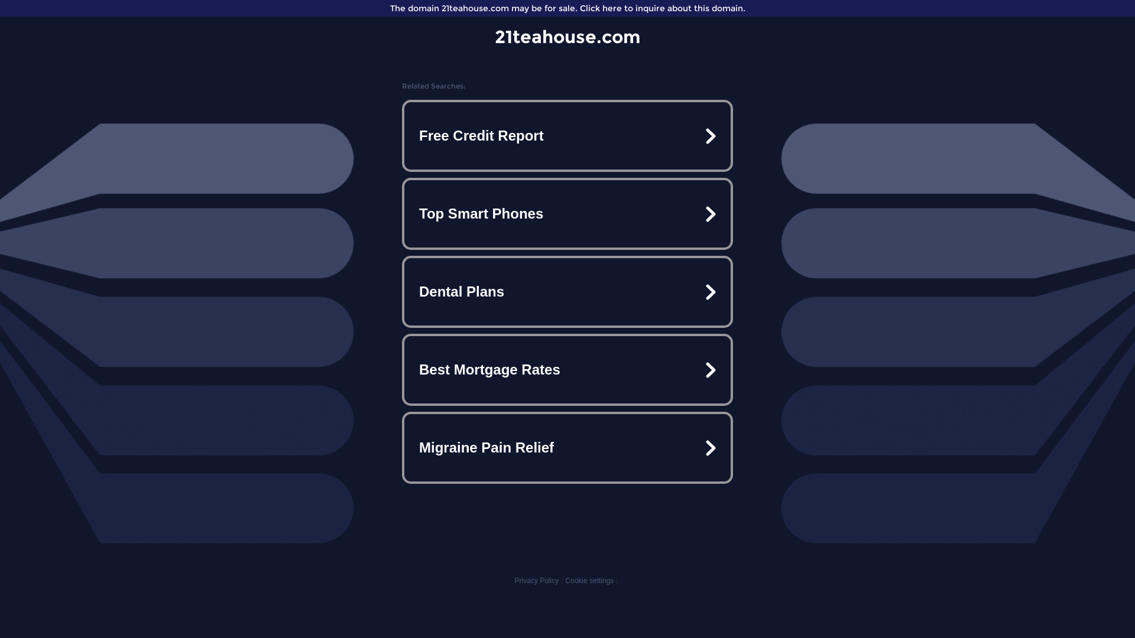 Image resolution: width=1135 pixels, height=638 pixels. Describe the element at coordinates (564, 580) in the screenshot. I see `'Cookie settings'` at that location.